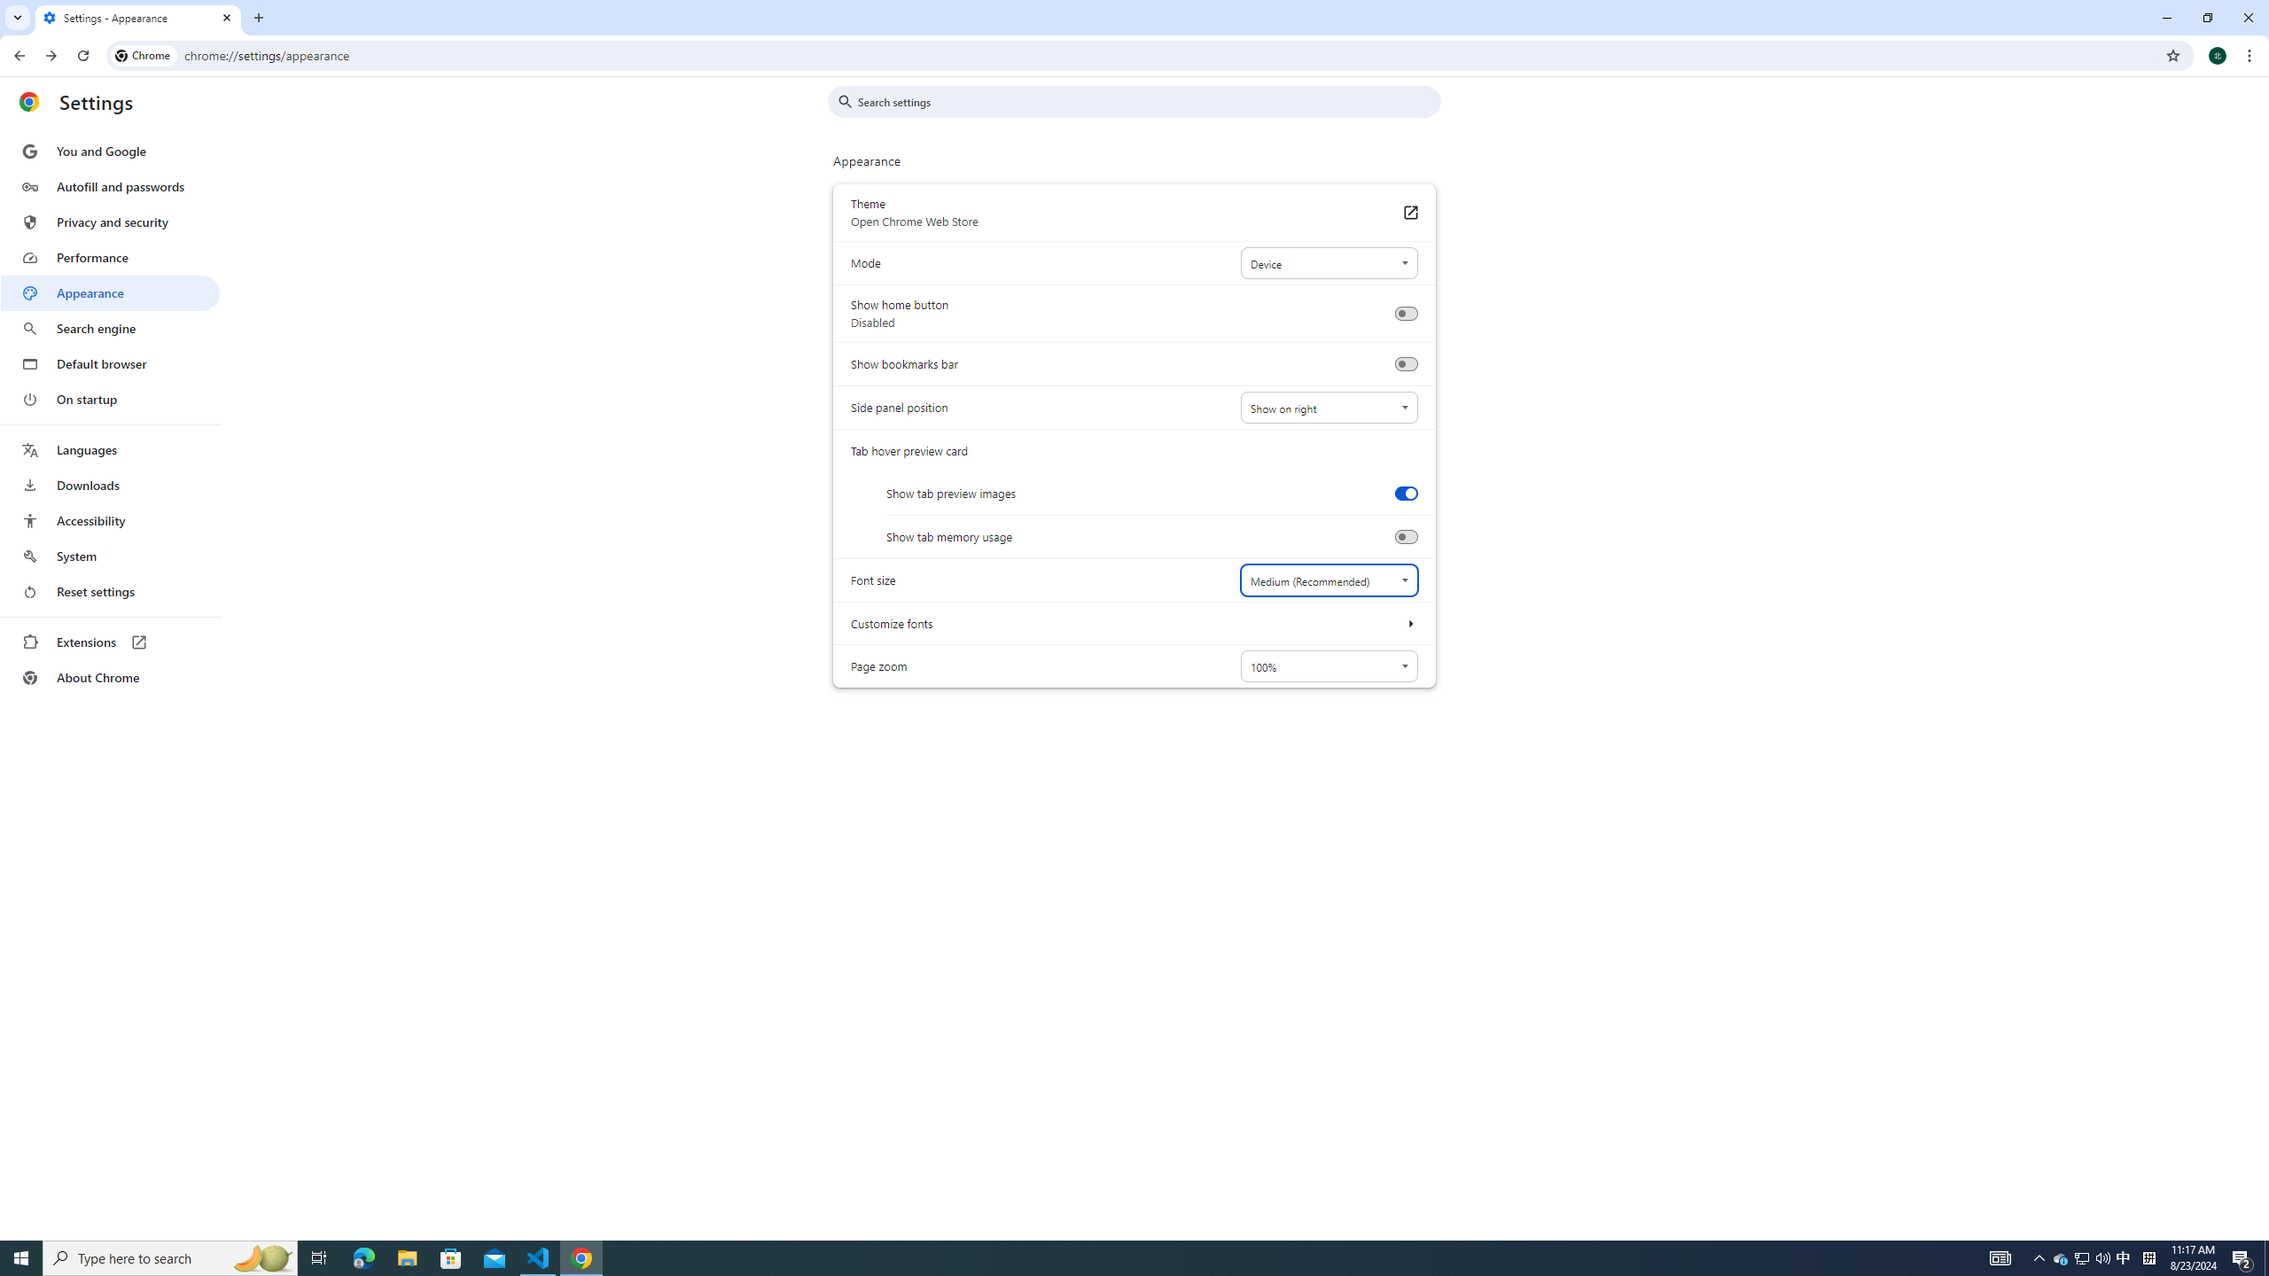 Image resolution: width=2269 pixels, height=1276 pixels. Describe the element at coordinates (1327, 407) in the screenshot. I see `'Side panel position'` at that location.